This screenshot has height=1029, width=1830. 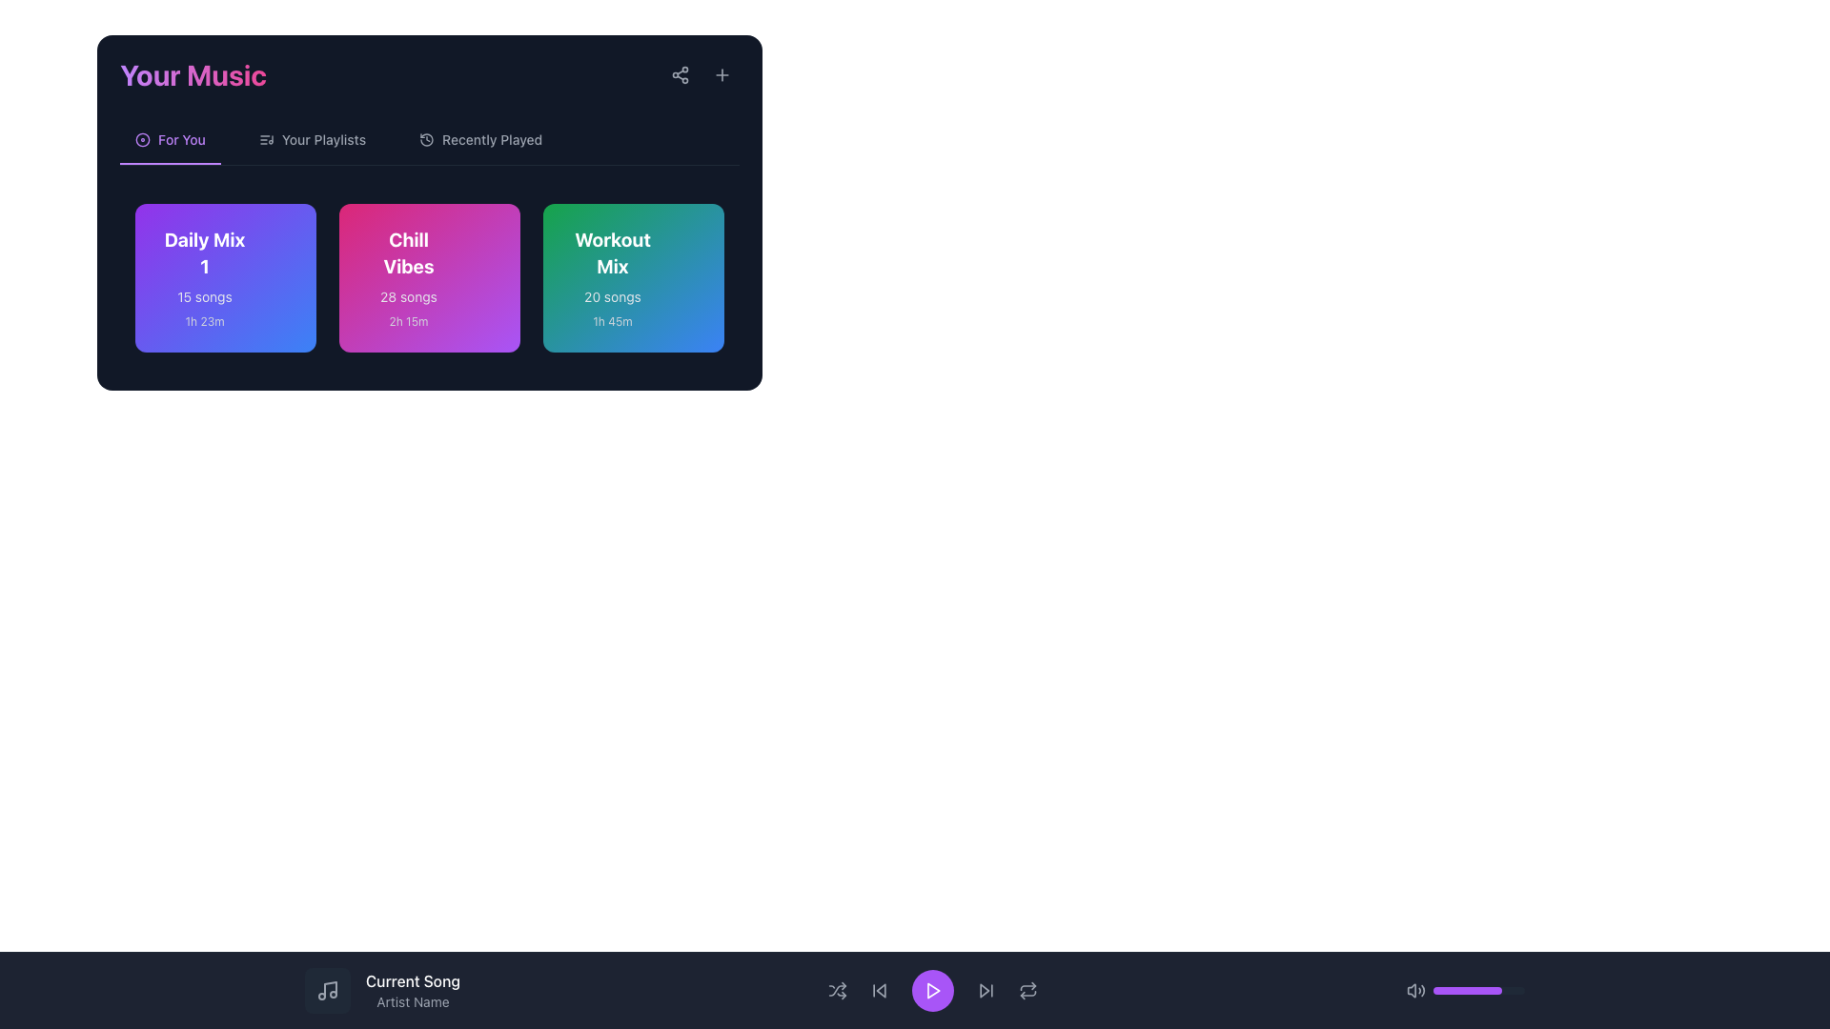 I want to click on the 'Recently Played' icon located to the left of the label text 'Recently Played' in the navigation bar of the 'Your Music' section, so click(x=426, y=138).